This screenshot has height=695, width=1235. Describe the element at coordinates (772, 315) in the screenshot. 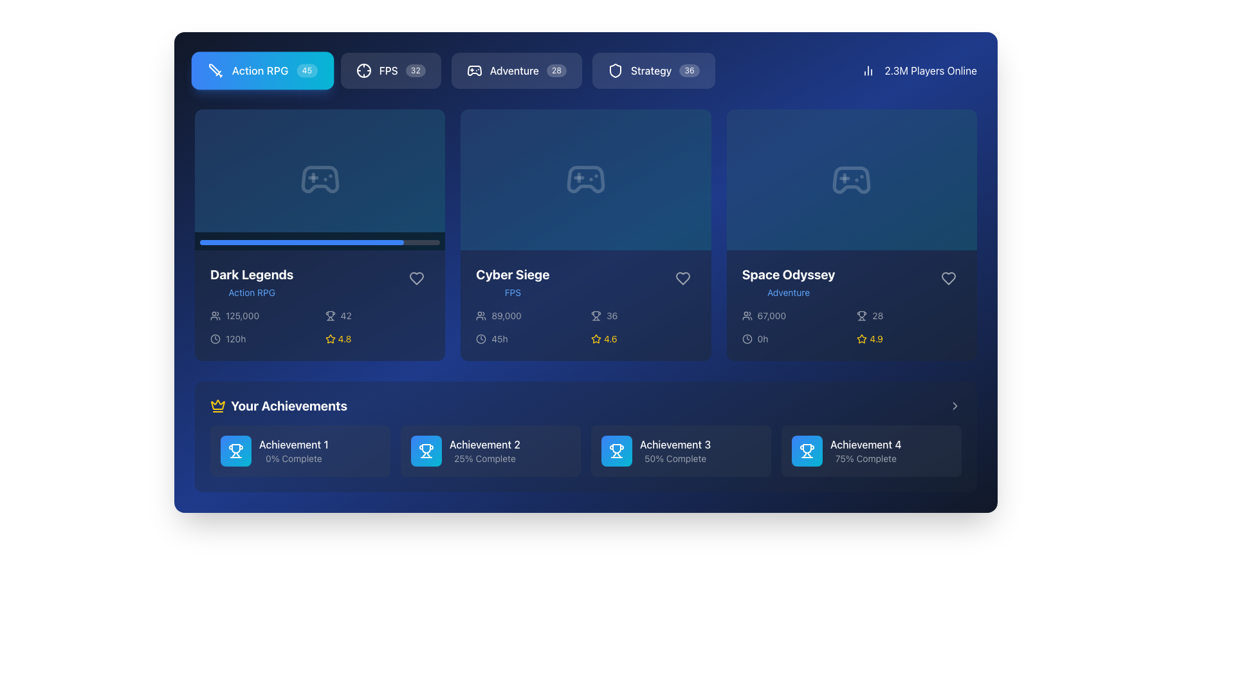

I see `the text label displaying the value '67,000', which is styled in light gray on a dark blue background and located at the bottom section of the 'Space Odyssey' card` at that location.